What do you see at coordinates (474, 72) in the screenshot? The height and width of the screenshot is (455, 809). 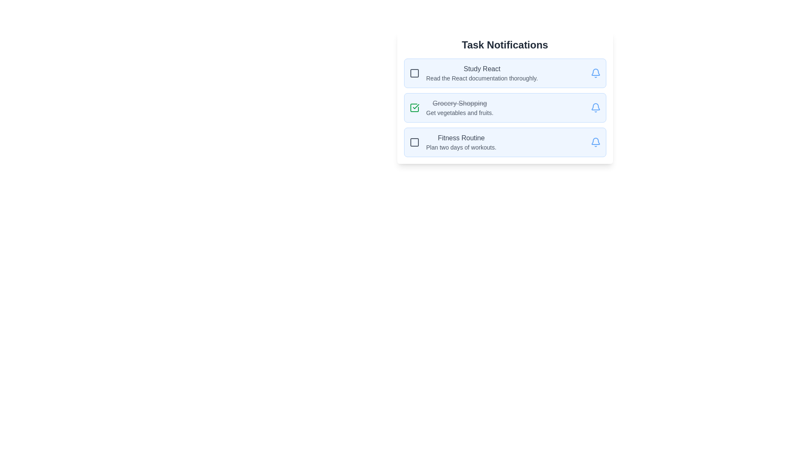 I see `the first checklist item titled 'Study React' in the 'Task Notifications' section` at bounding box center [474, 72].